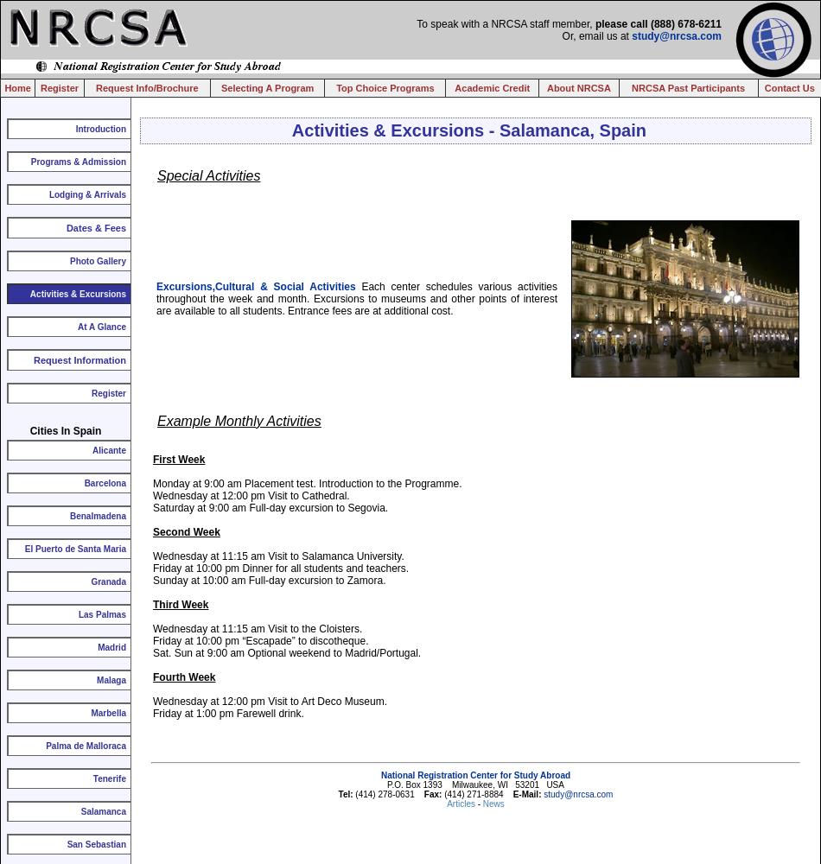 This screenshot has height=864, width=821. What do you see at coordinates (335, 87) in the screenshot?
I see `'Top Choice Programs'` at bounding box center [335, 87].